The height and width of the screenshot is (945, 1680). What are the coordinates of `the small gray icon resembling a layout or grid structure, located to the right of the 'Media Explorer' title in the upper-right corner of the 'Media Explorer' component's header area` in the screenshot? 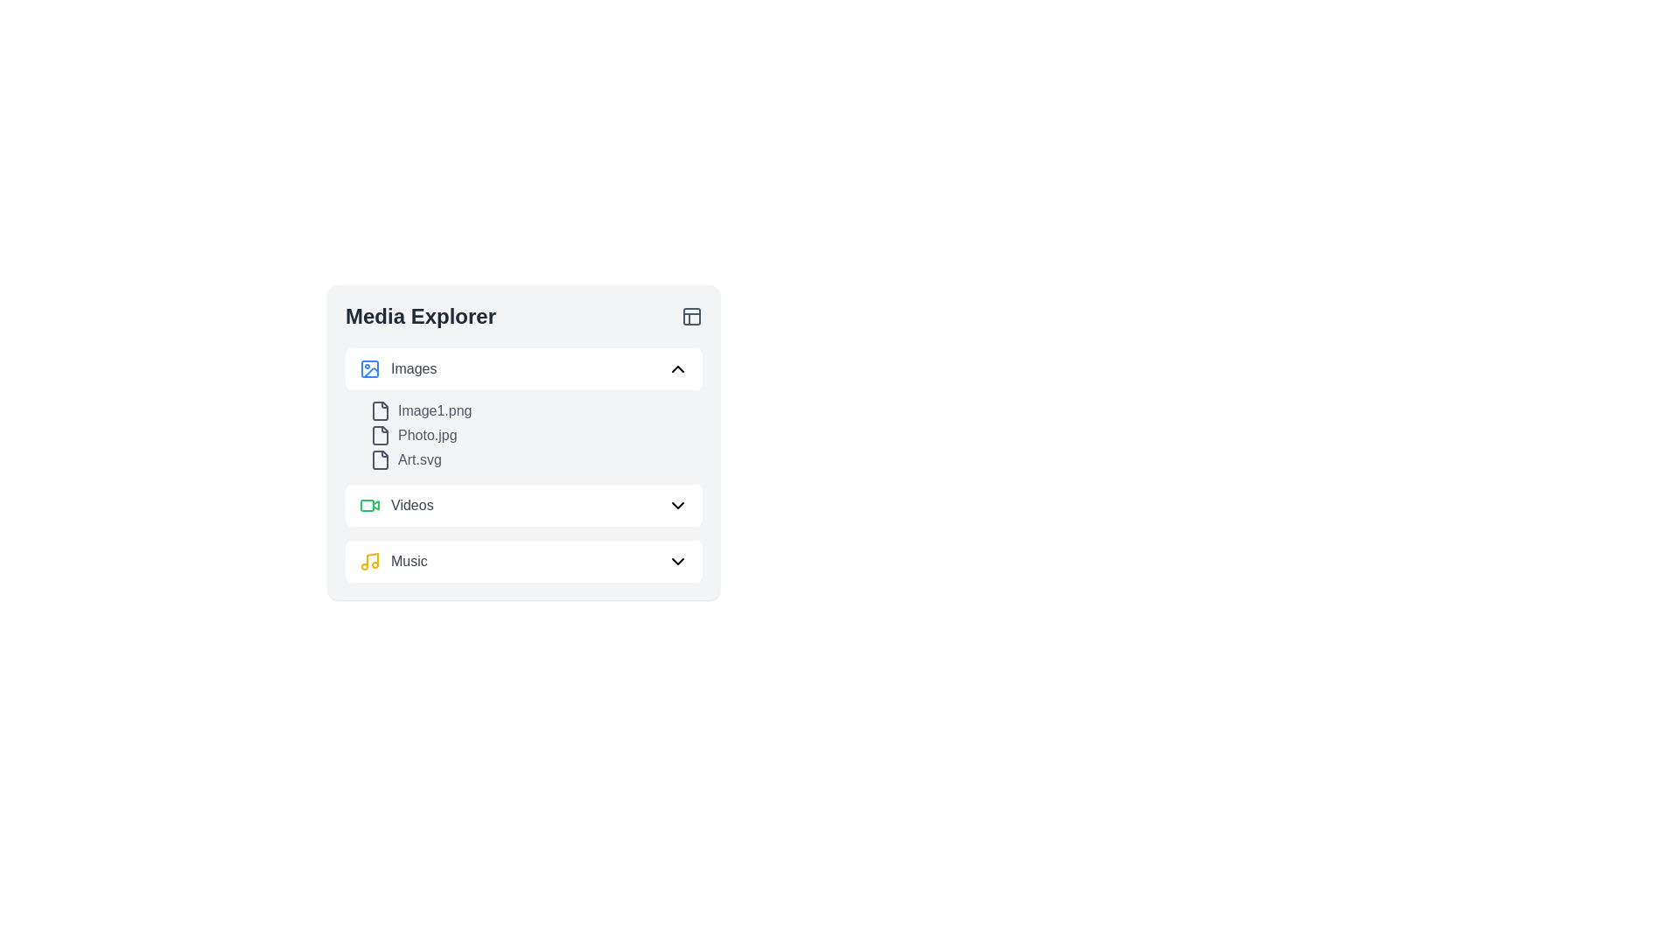 It's located at (691, 317).